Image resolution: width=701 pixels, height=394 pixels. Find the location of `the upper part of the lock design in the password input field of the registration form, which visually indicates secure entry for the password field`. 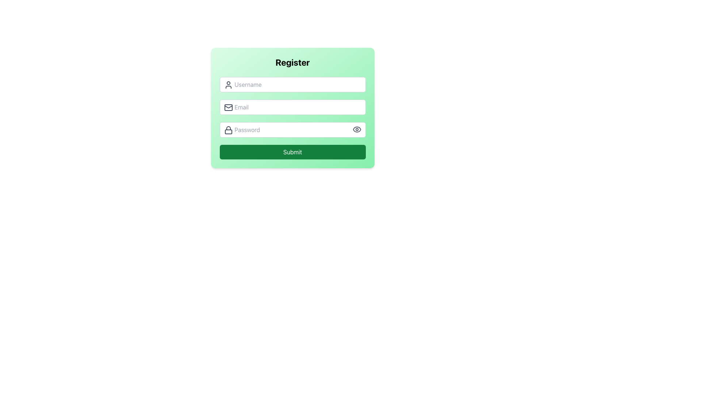

the upper part of the lock design in the password input field of the registration form, which visually indicates secure entry for the password field is located at coordinates (228, 128).